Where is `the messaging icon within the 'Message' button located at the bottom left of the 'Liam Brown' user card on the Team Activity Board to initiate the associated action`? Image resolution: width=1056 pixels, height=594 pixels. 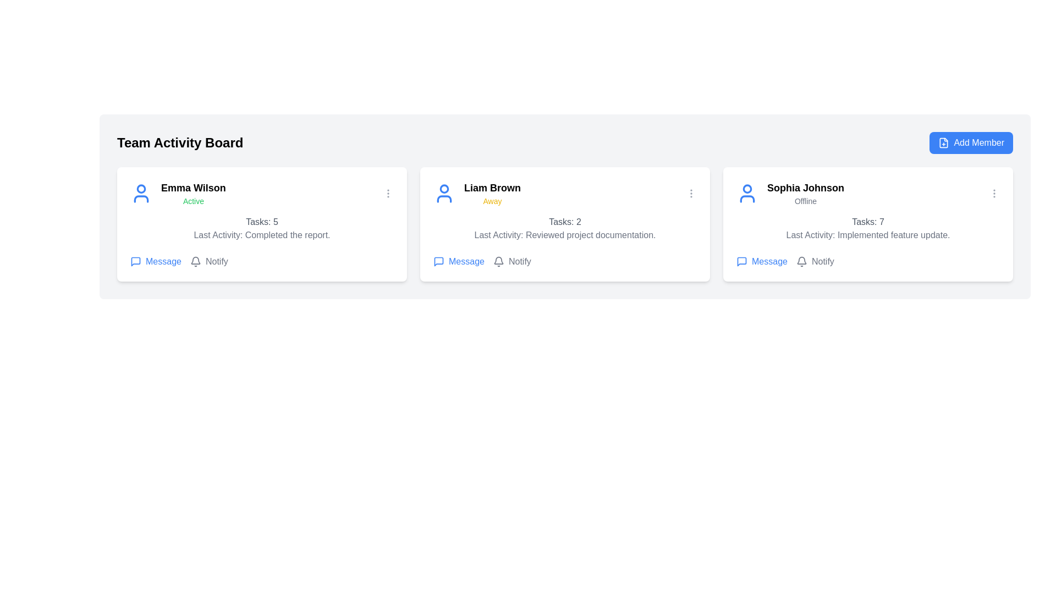 the messaging icon within the 'Message' button located at the bottom left of the 'Liam Brown' user card on the Team Activity Board to initiate the associated action is located at coordinates (438, 261).